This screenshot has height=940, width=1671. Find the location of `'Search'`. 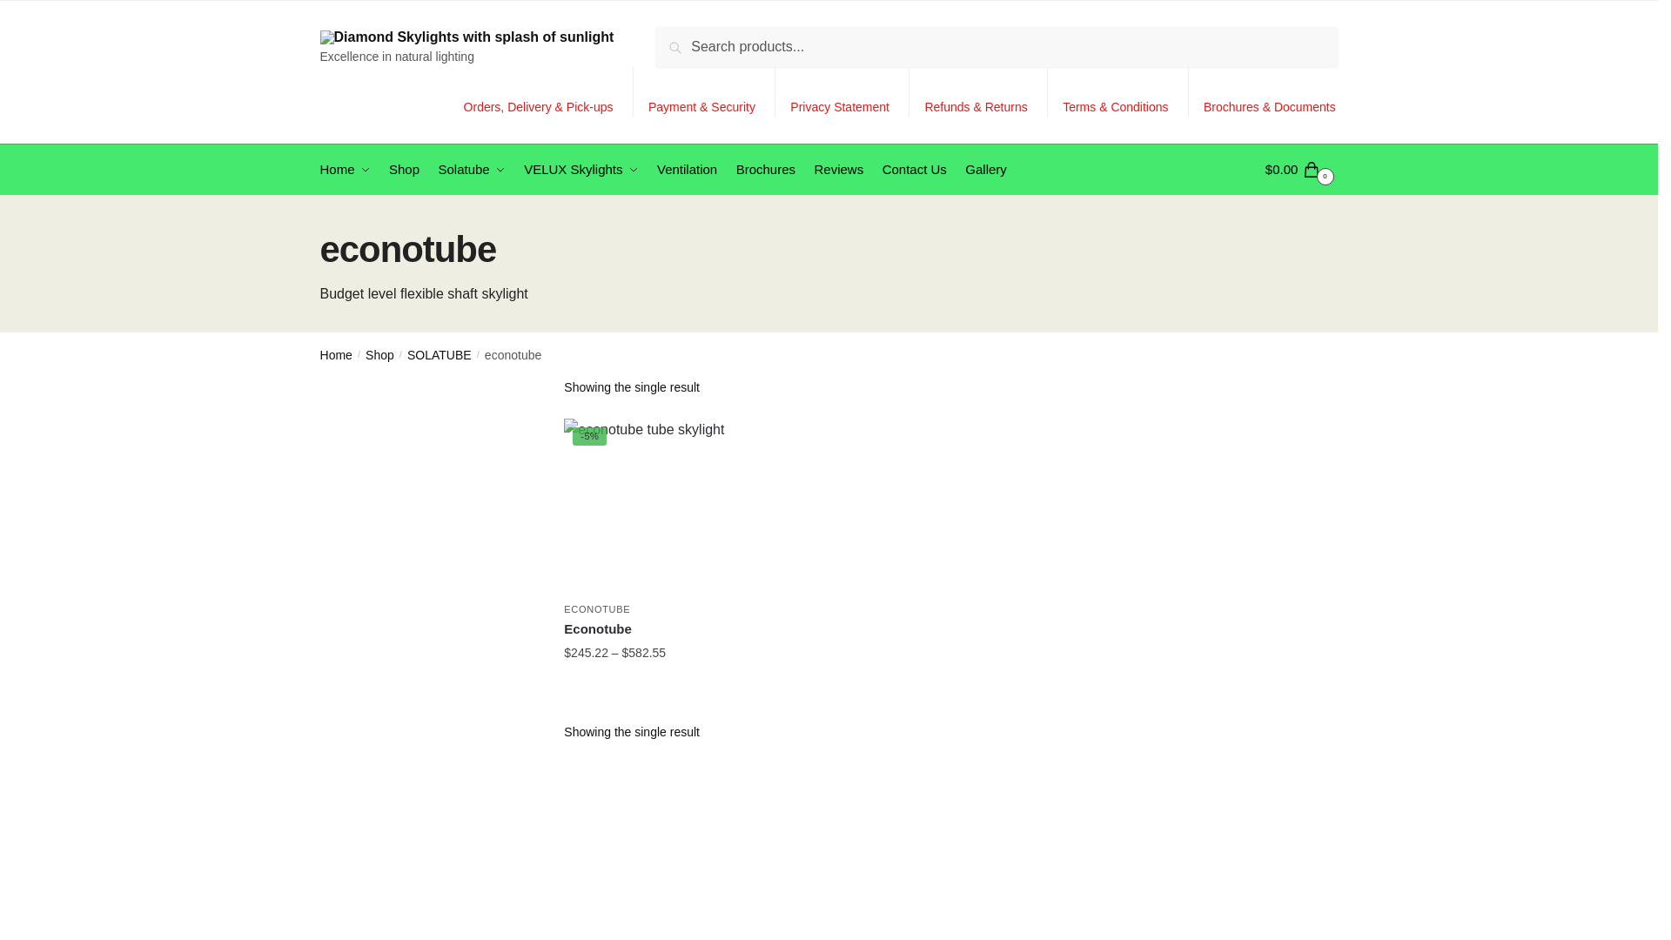

'Search' is located at coordinates (681, 39).